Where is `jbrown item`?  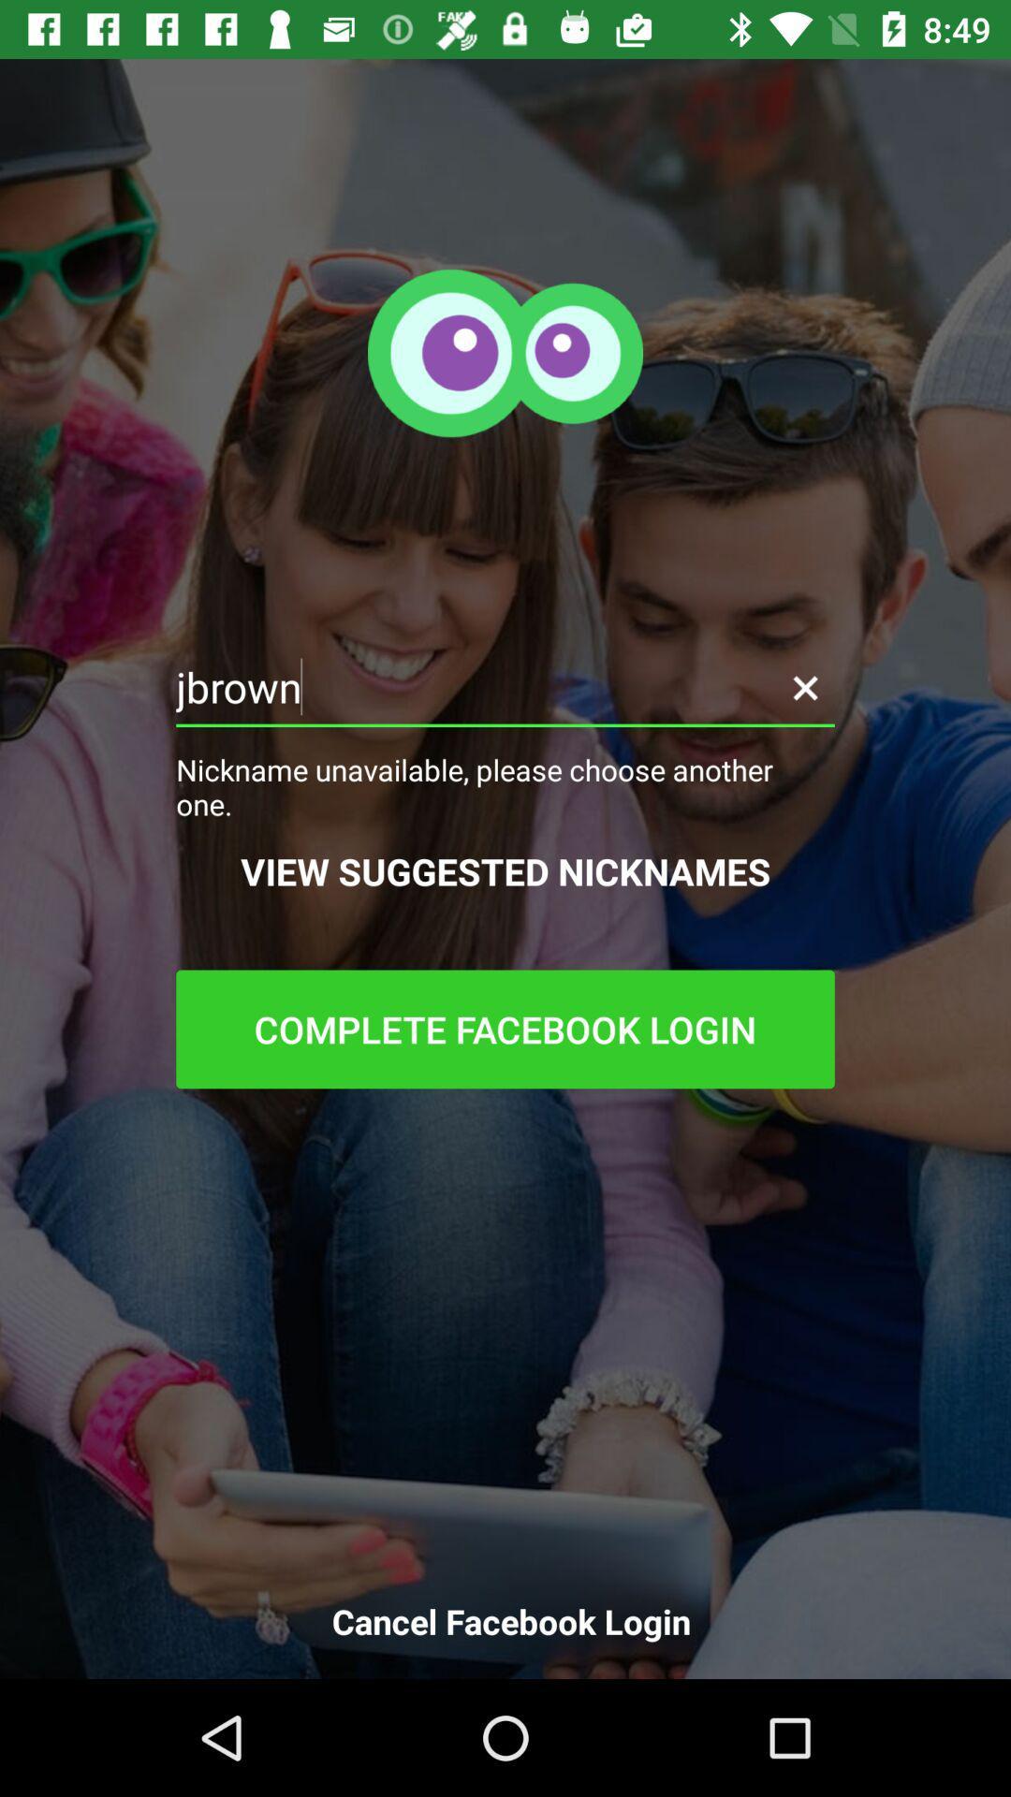
jbrown item is located at coordinates (505, 686).